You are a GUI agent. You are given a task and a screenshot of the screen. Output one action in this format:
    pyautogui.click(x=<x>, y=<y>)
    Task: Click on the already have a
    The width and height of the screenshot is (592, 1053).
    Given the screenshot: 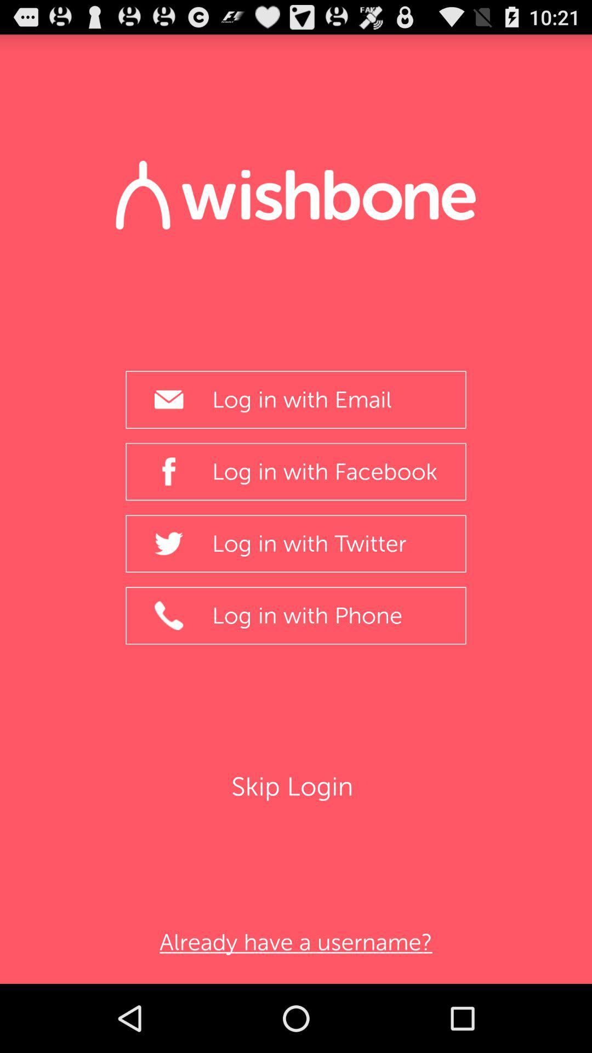 What is the action you would take?
    pyautogui.click(x=296, y=942)
    